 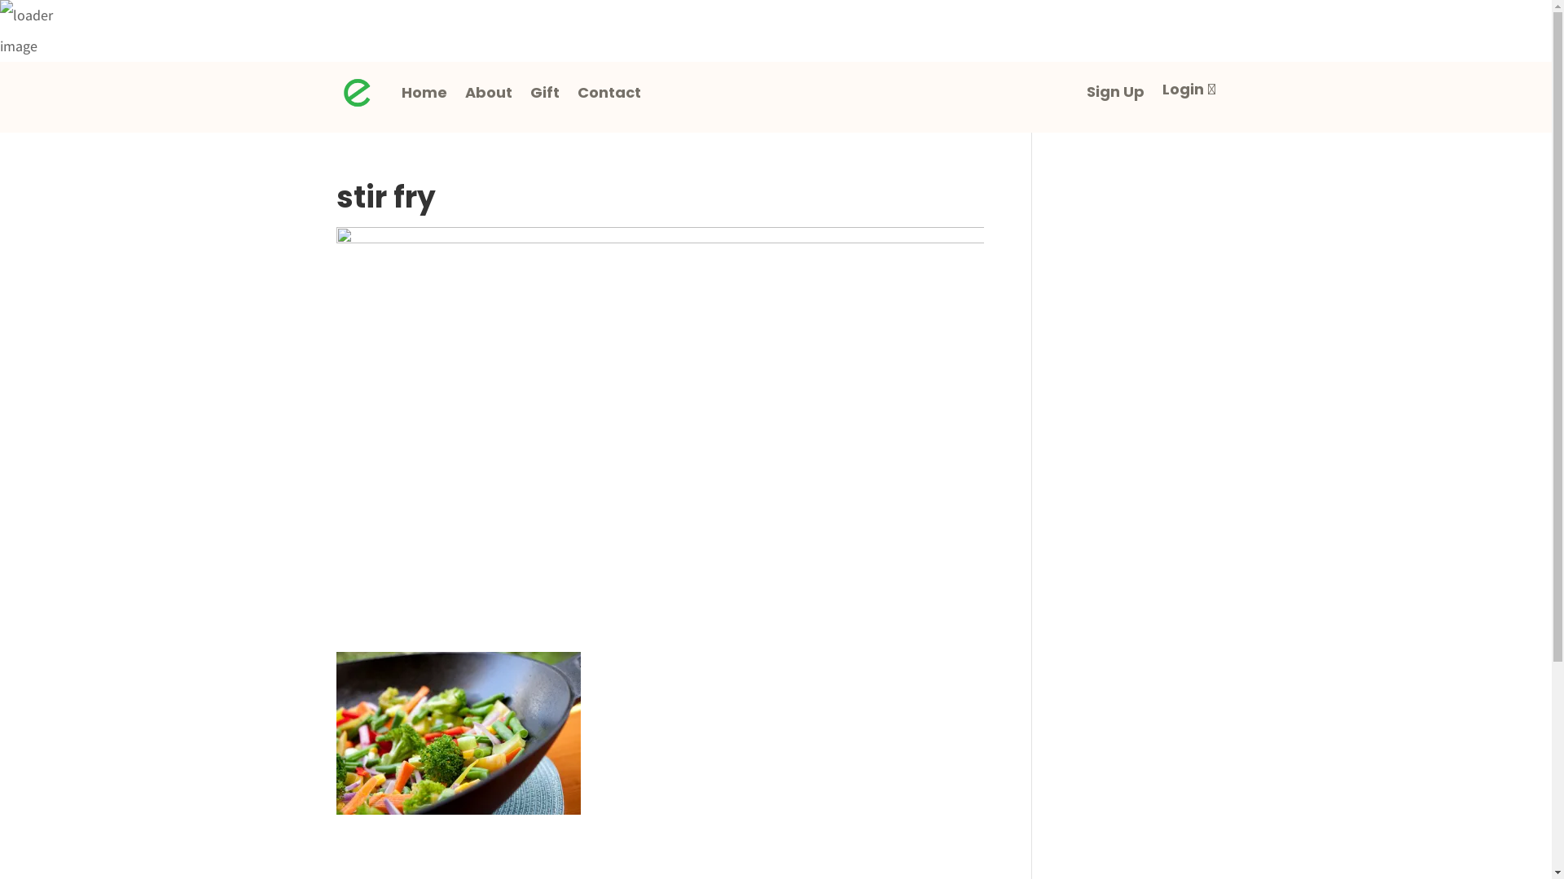 I want to click on 'Login', so click(x=1161, y=93).